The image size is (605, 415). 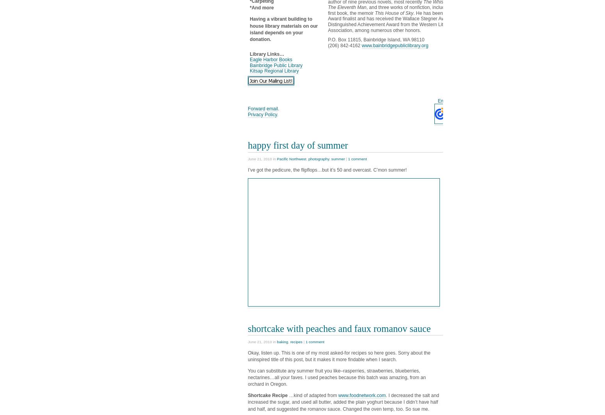 What do you see at coordinates (276, 65) in the screenshot?
I see `'Bainbridge Public Library'` at bounding box center [276, 65].